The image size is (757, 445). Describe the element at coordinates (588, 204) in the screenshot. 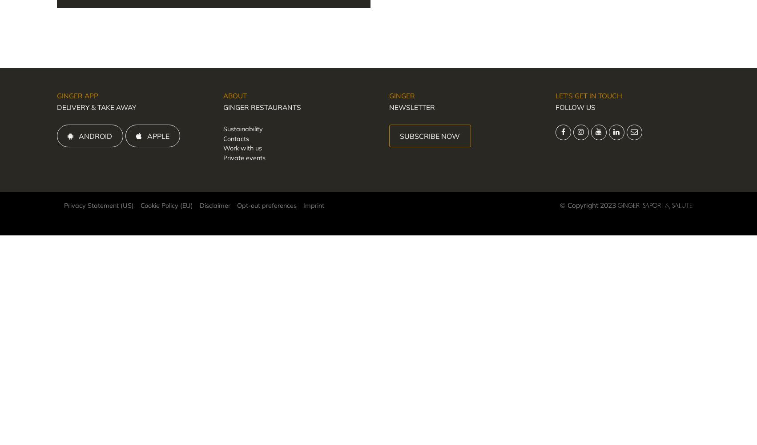

I see `'© Copyright 								2023'` at that location.